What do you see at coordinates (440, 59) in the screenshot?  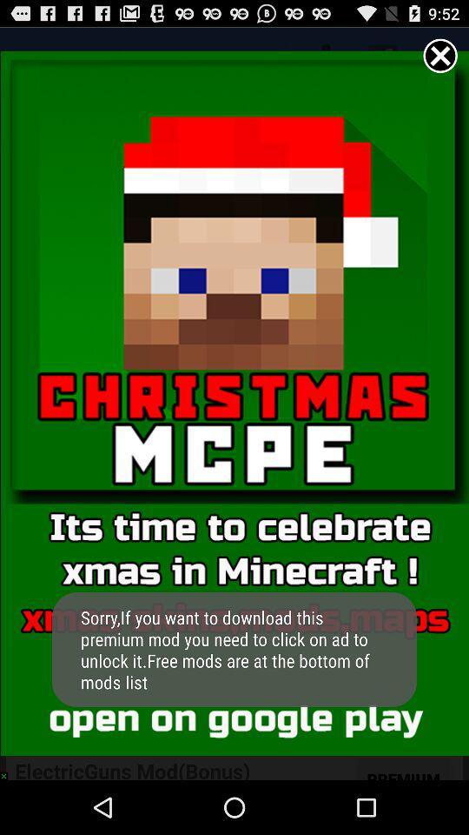 I see `the close icon` at bounding box center [440, 59].